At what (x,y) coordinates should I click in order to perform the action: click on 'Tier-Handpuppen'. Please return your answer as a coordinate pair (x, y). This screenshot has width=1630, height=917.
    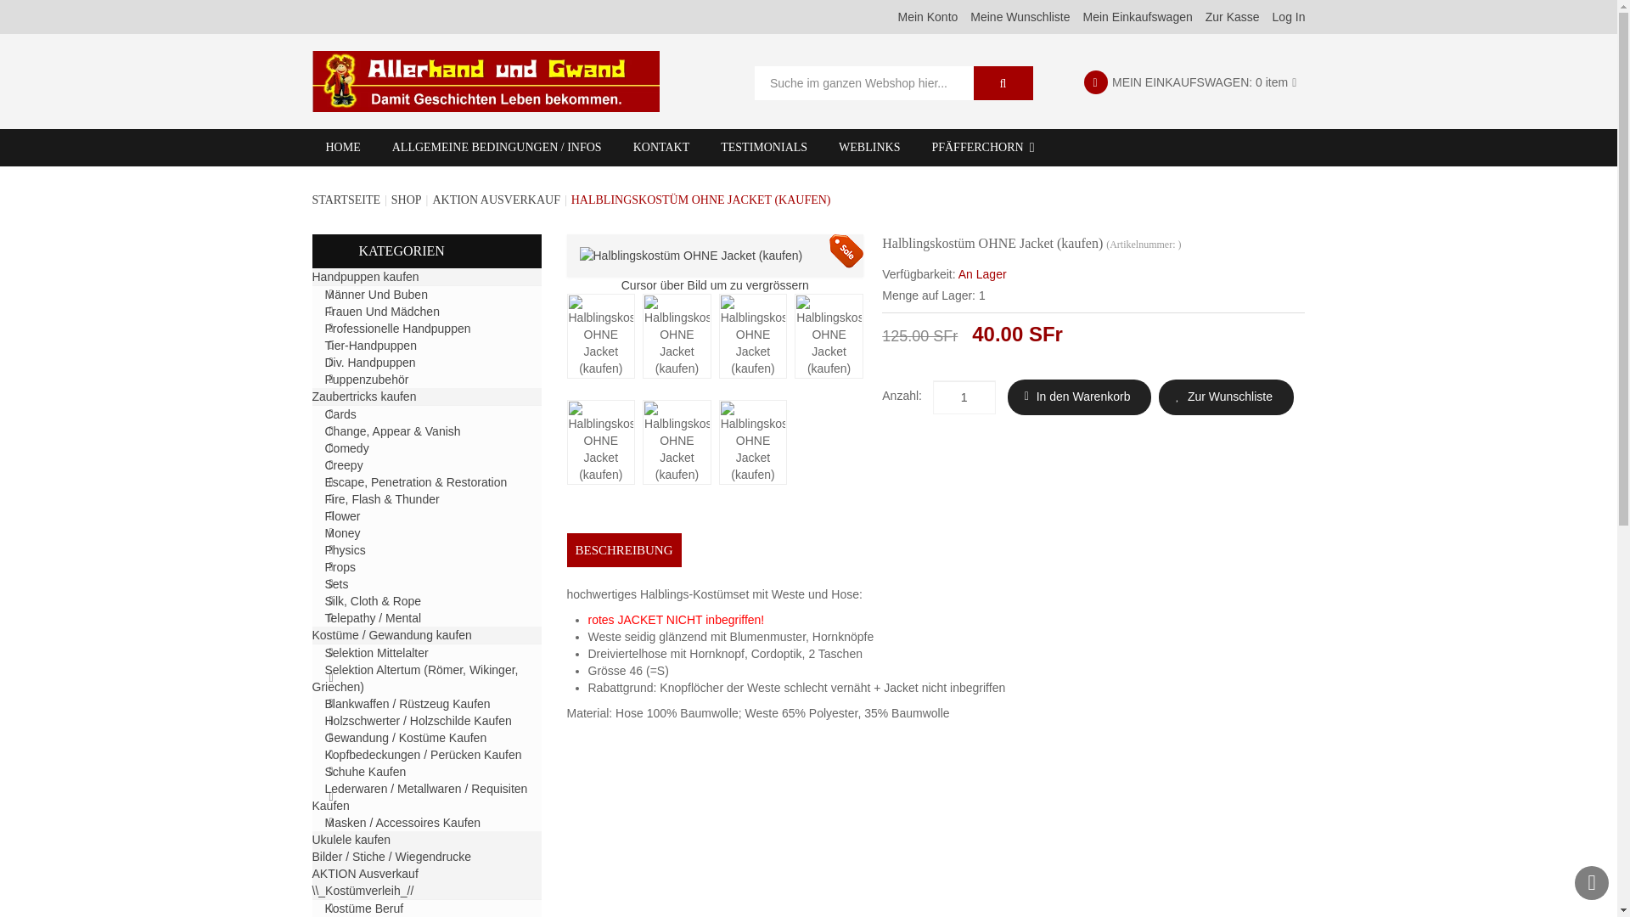
    Looking at the image, I should click on (369, 345).